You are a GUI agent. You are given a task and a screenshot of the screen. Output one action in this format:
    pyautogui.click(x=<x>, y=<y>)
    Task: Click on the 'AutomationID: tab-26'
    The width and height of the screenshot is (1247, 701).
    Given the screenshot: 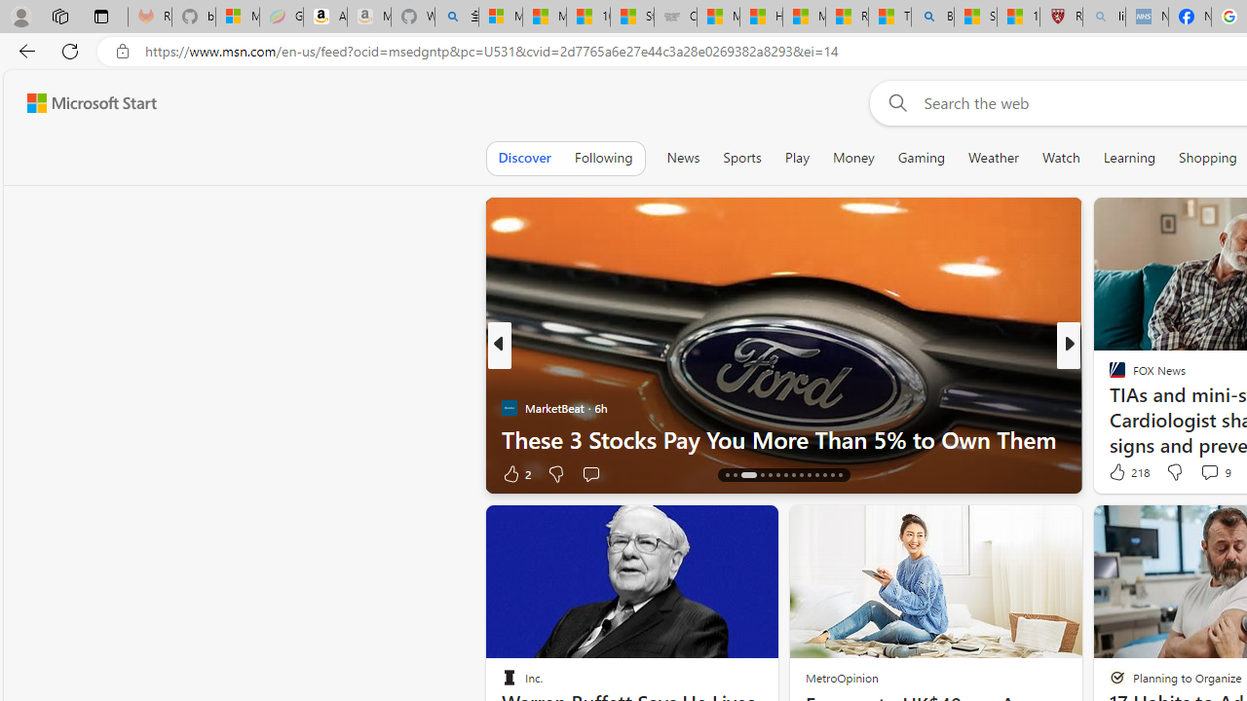 What is the action you would take?
    pyautogui.click(x=824, y=475)
    